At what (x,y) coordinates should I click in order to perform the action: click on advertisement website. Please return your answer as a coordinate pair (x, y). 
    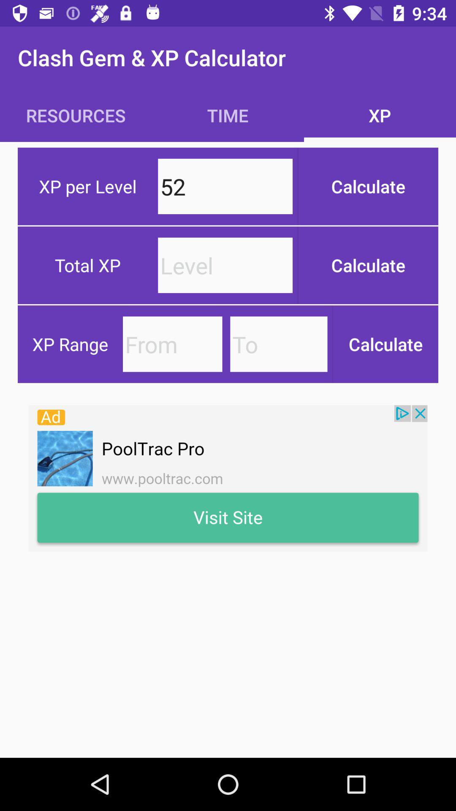
    Looking at the image, I should click on (228, 478).